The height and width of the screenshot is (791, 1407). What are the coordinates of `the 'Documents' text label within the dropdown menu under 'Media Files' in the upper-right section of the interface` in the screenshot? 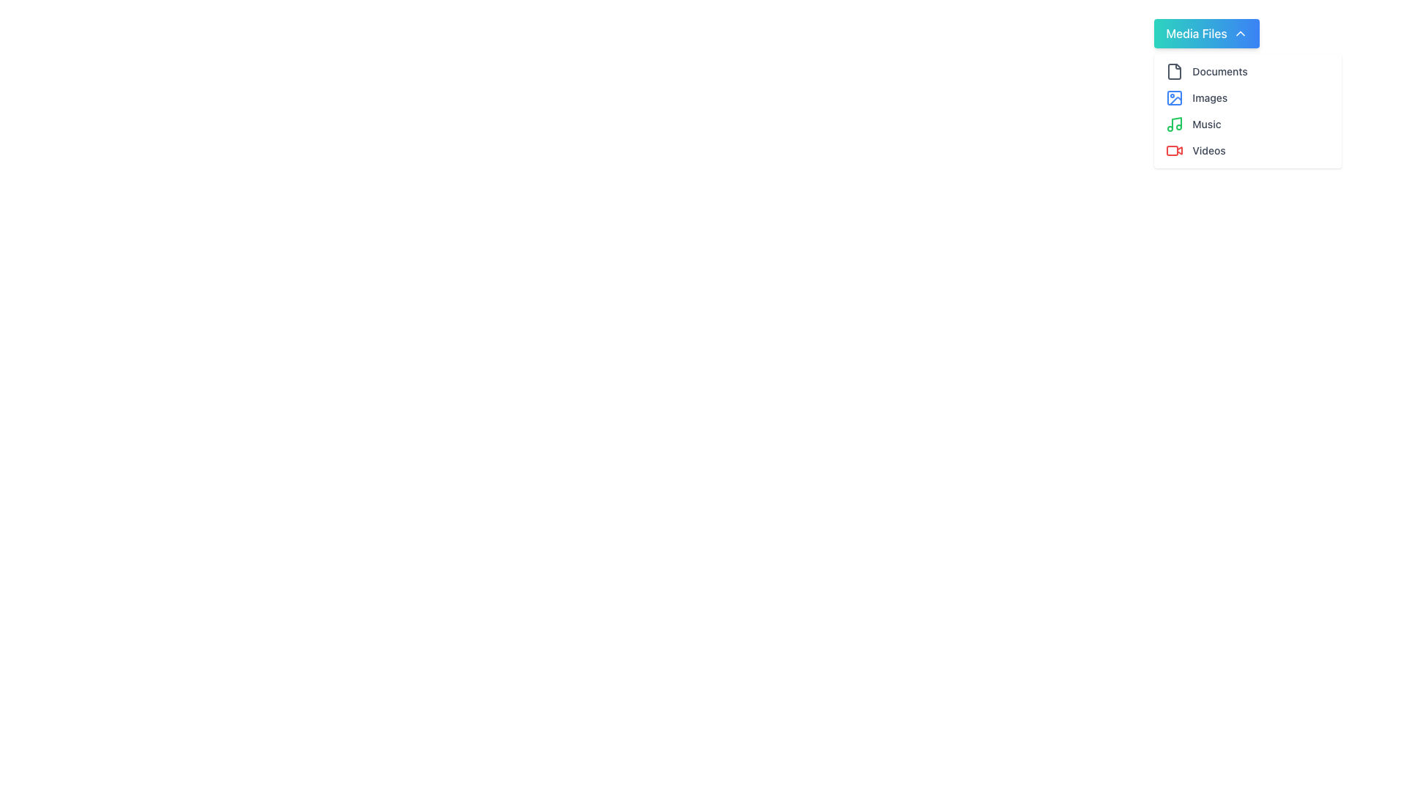 It's located at (1220, 71).